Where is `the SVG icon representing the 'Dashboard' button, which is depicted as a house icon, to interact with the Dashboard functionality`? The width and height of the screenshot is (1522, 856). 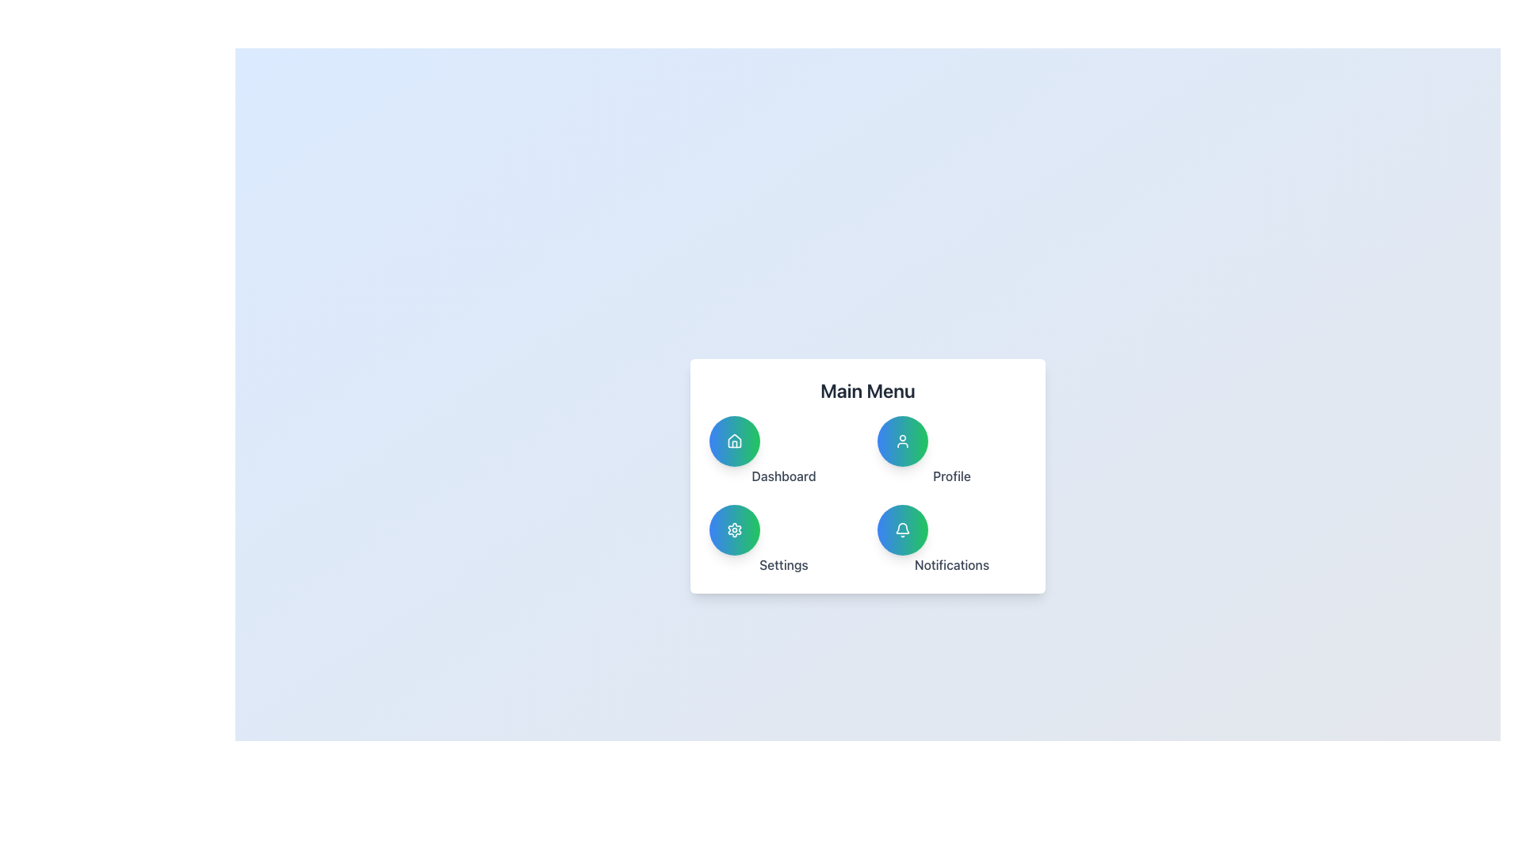 the SVG icon representing the 'Dashboard' button, which is depicted as a house icon, to interact with the Dashboard functionality is located at coordinates (733, 440).